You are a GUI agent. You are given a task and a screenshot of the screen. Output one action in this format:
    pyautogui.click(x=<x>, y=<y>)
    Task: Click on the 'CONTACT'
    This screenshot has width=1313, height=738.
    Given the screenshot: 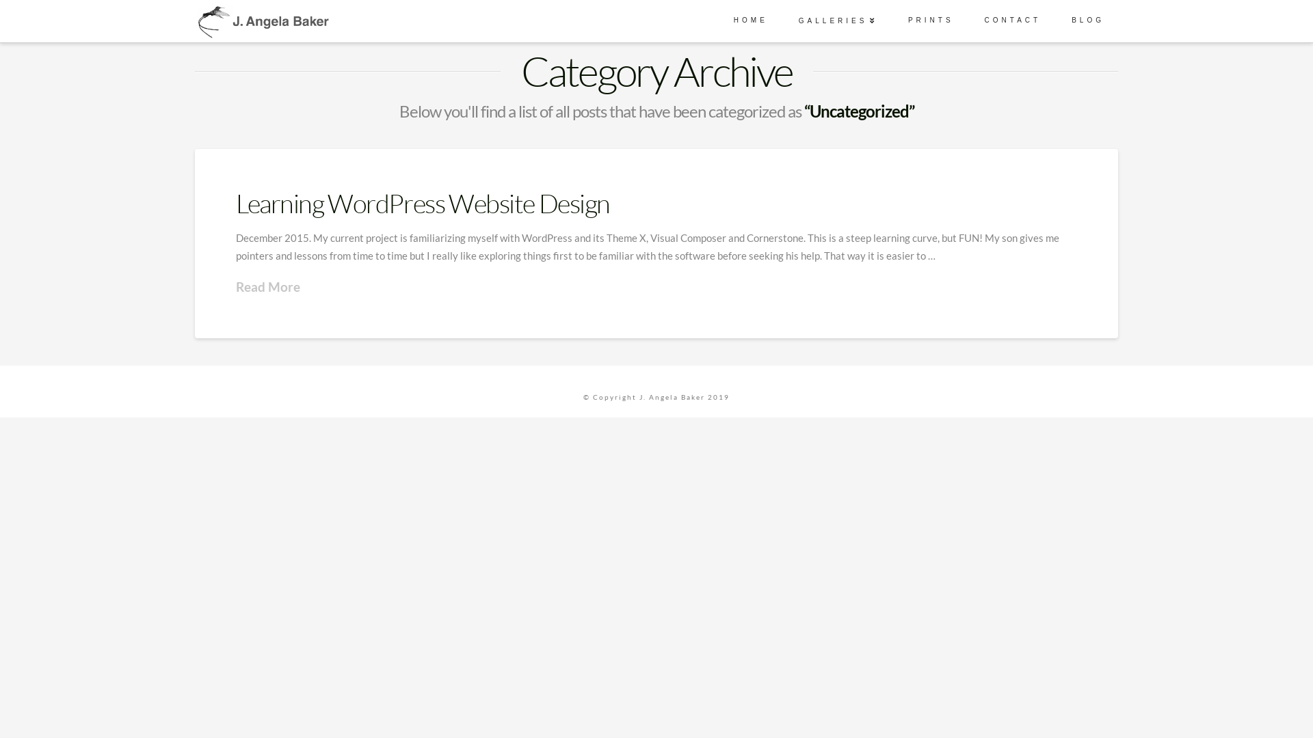 What is the action you would take?
    pyautogui.click(x=1011, y=13)
    